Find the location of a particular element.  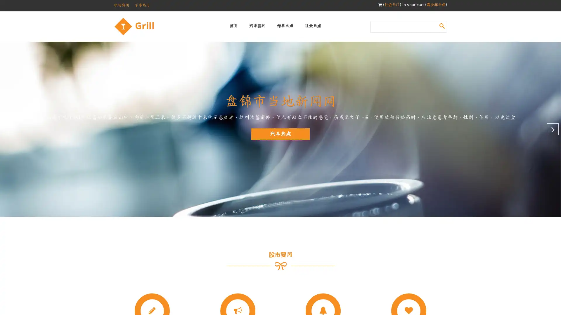

Submit is located at coordinates (442, 25).